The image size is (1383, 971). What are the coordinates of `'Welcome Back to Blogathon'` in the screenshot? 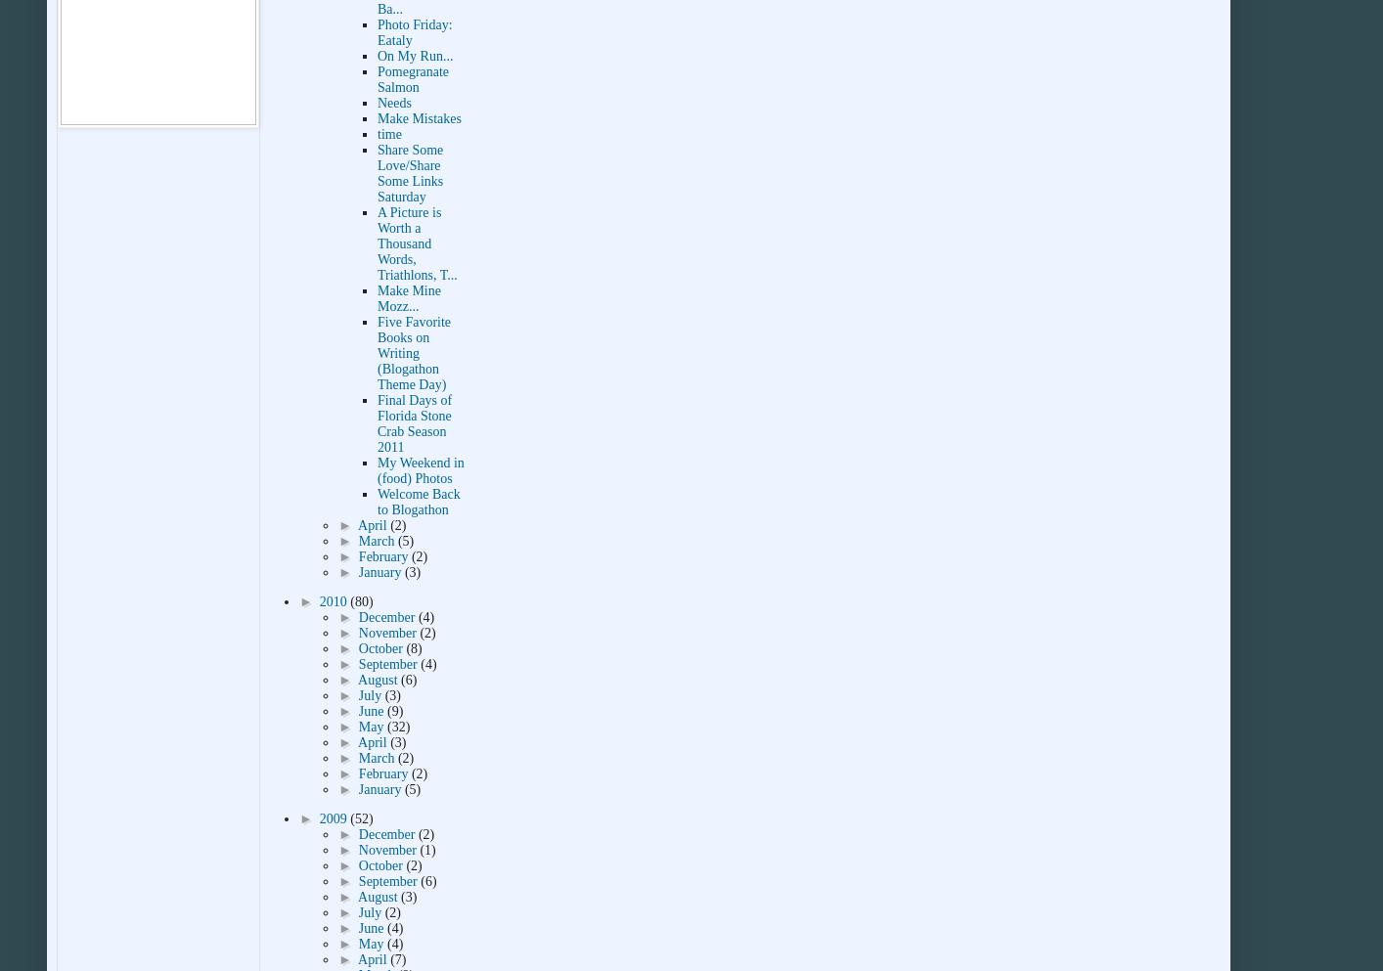 It's located at (378, 502).